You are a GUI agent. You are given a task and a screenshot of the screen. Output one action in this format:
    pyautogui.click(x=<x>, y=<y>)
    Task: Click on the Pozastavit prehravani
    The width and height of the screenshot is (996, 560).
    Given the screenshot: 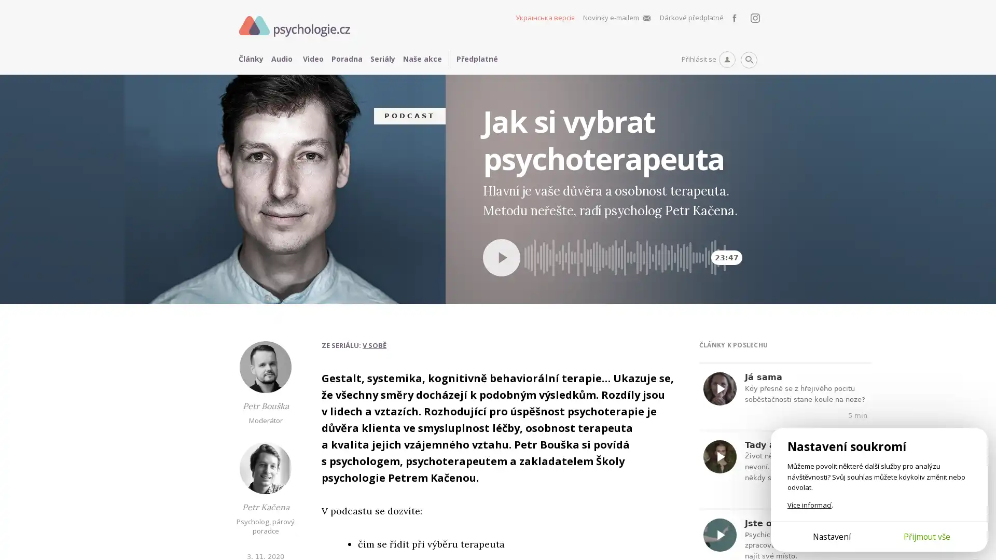 What is the action you would take?
    pyautogui.click(x=524, y=238)
    